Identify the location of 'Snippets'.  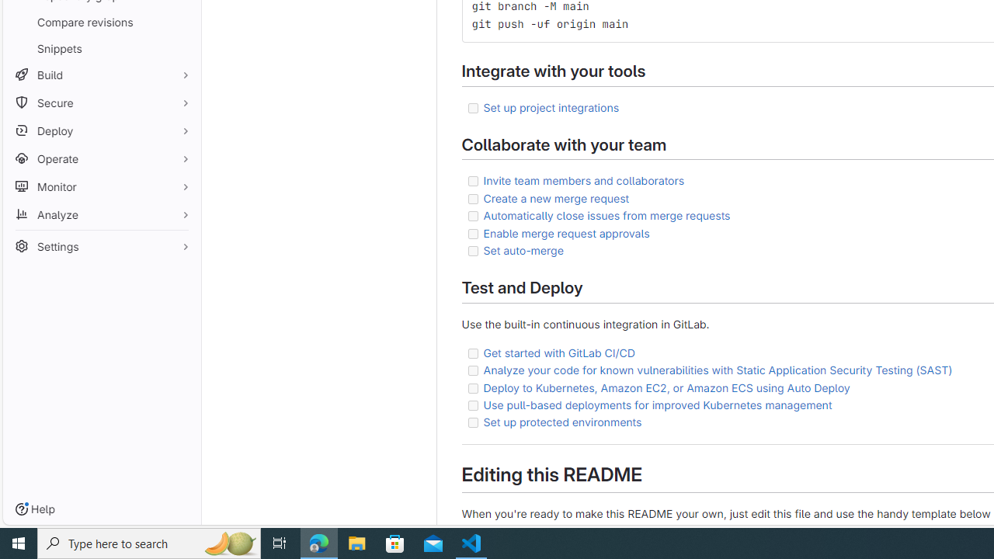
(101, 47).